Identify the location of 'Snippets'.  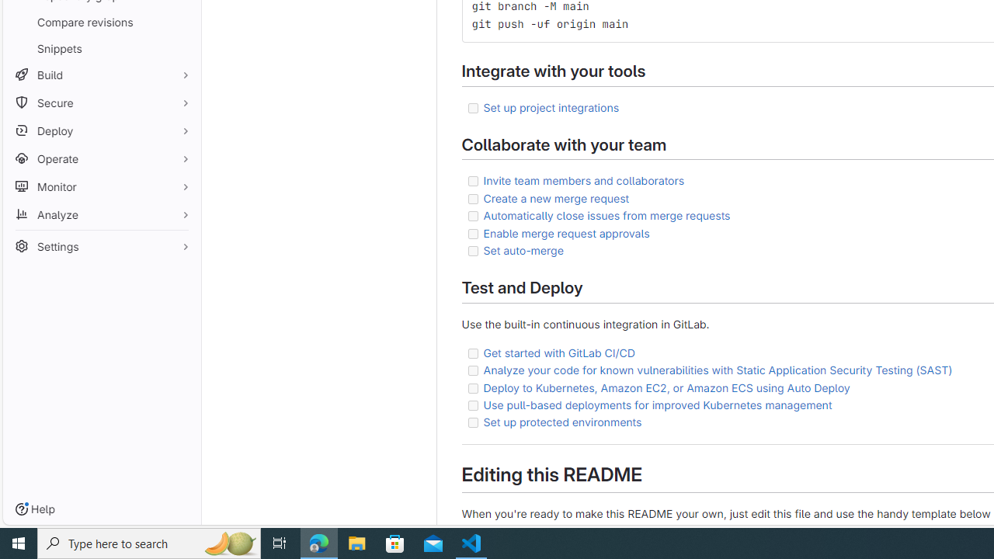
(101, 47).